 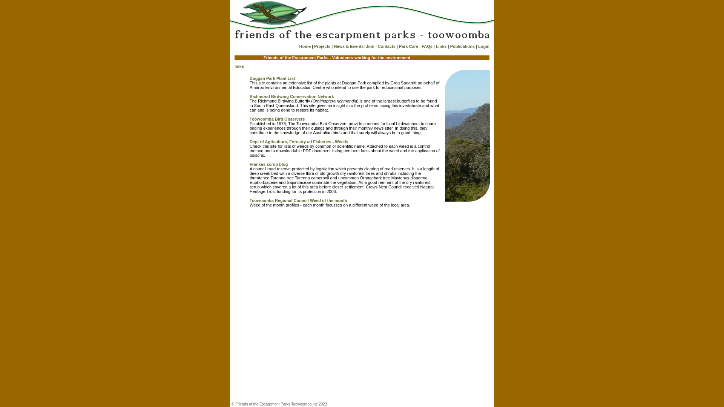 What do you see at coordinates (387, 46) in the screenshot?
I see `'Contacts'` at bounding box center [387, 46].